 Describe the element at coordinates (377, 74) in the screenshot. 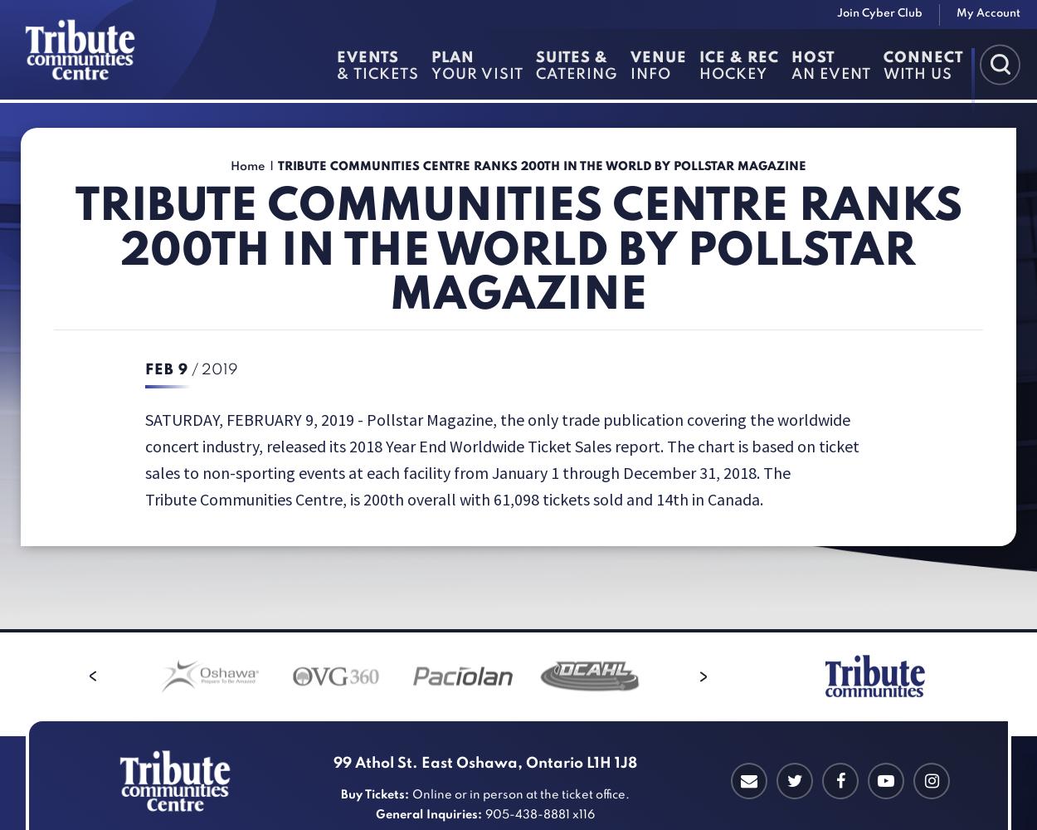

I see `'& Tickets'` at that location.